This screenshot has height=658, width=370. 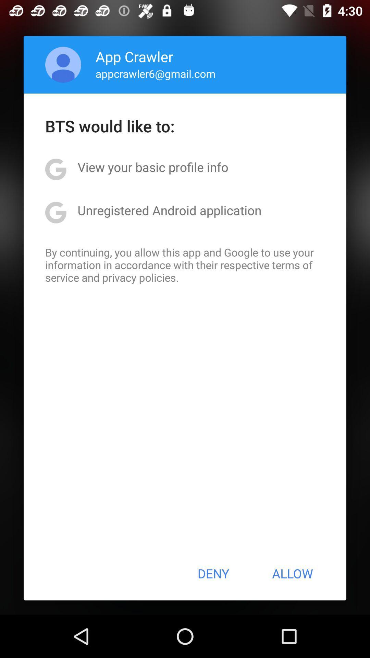 What do you see at coordinates (169, 210) in the screenshot?
I see `unregistered android application` at bounding box center [169, 210].